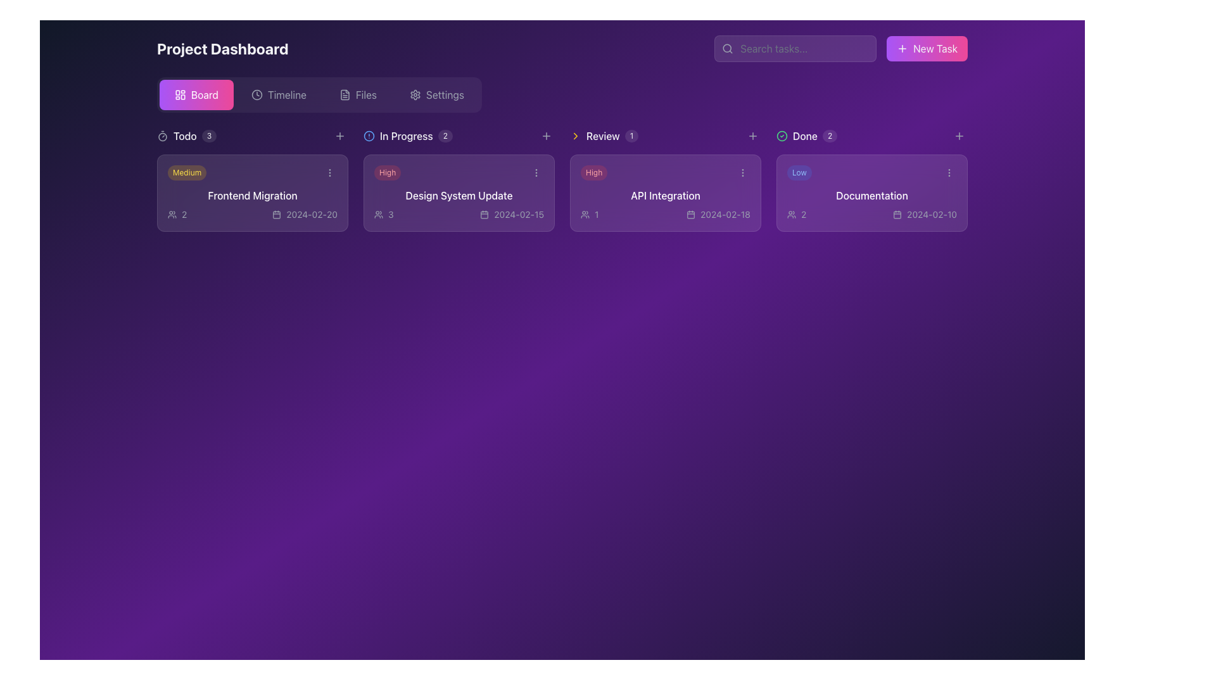 This screenshot has width=1216, height=684. What do you see at coordinates (436, 94) in the screenshot?
I see `the 'Settings' button, which is the fourth button in the navigation bar` at bounding box center [436, 94].